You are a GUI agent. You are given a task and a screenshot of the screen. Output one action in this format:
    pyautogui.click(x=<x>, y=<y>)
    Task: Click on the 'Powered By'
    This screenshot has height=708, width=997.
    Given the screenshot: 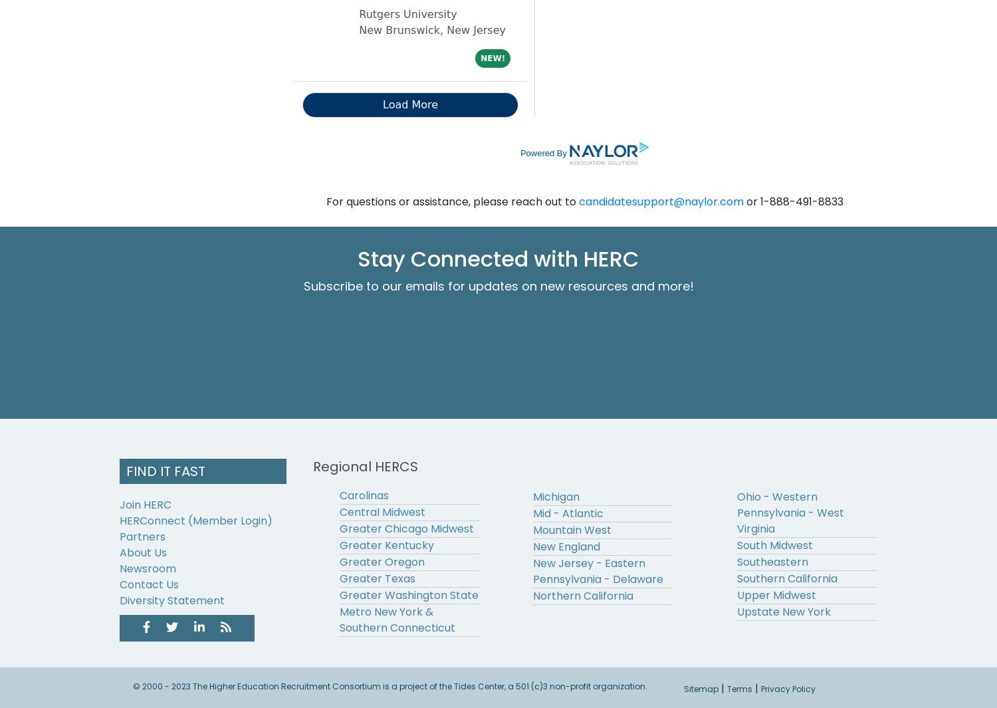 What is the action you would take?
    pyautogui.click(x=542, y=152)
    